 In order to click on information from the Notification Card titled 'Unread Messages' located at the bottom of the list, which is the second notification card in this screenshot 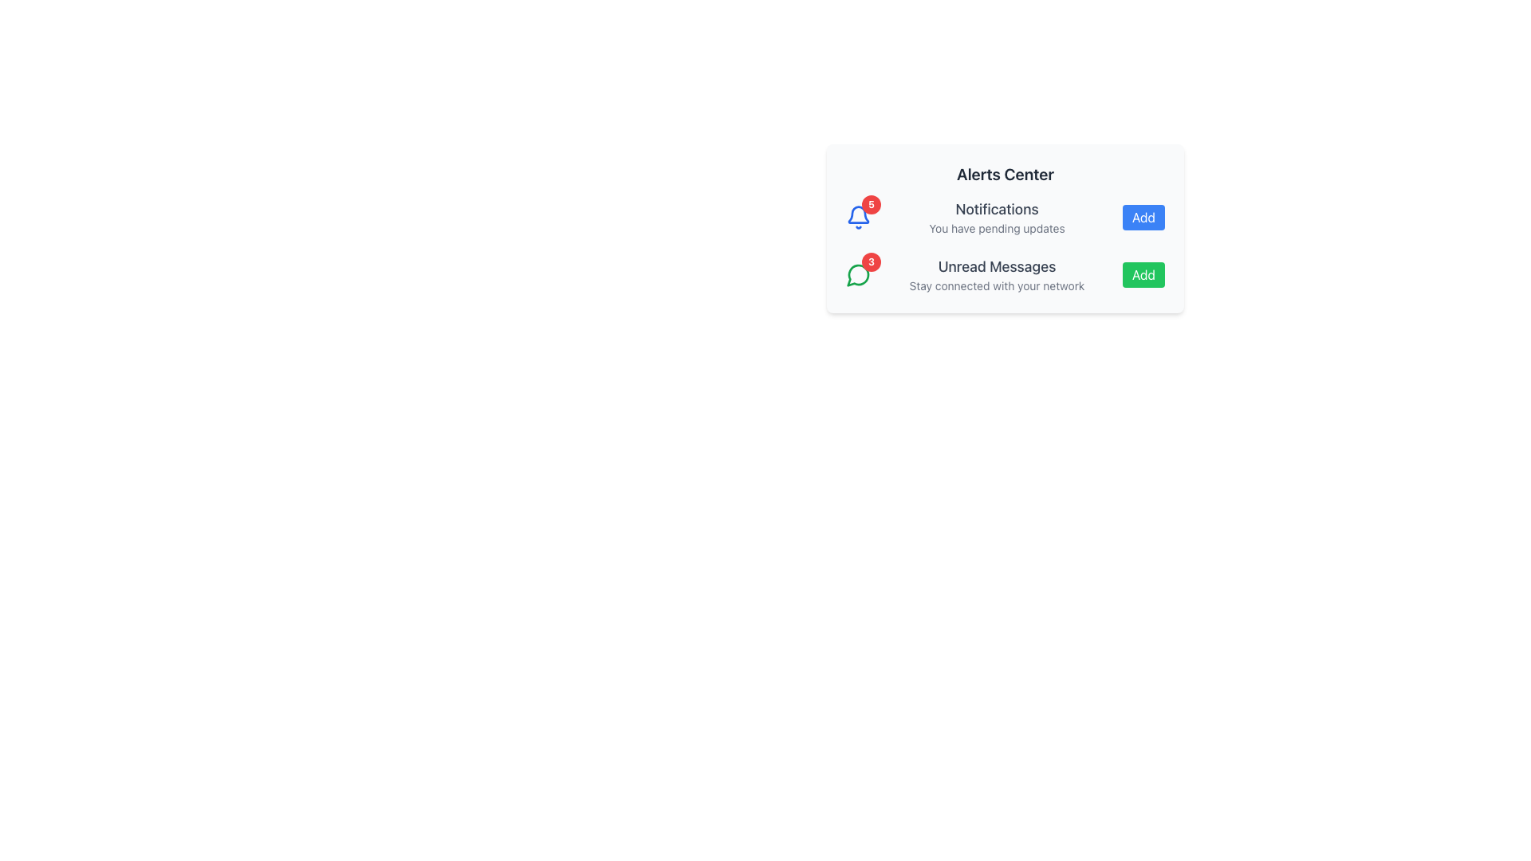, I will do `click(1005, 273)`.